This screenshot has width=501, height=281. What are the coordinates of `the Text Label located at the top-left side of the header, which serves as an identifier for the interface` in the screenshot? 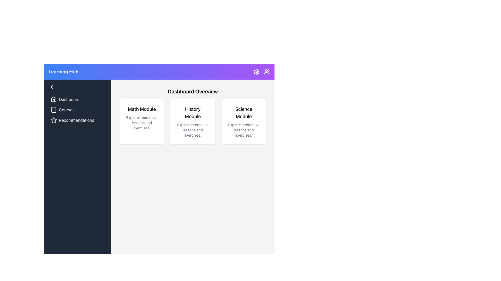 It's located at (63, 72).